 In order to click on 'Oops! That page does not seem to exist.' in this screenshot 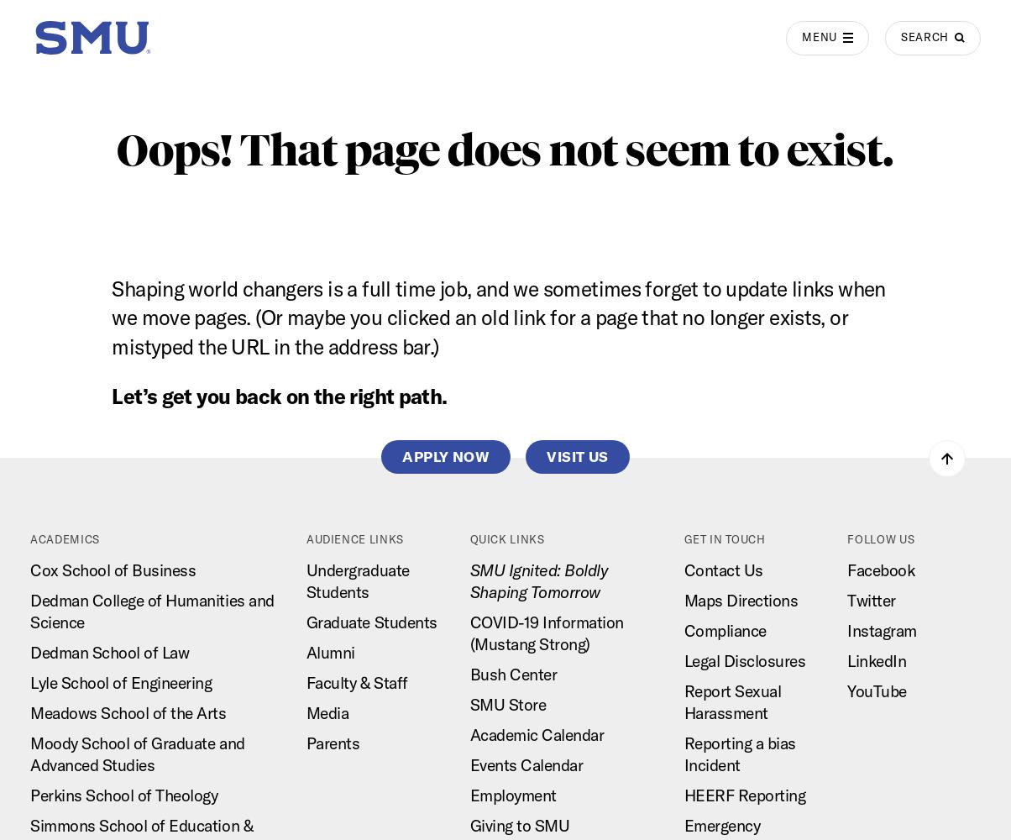, I will do `click(505, 150)`.